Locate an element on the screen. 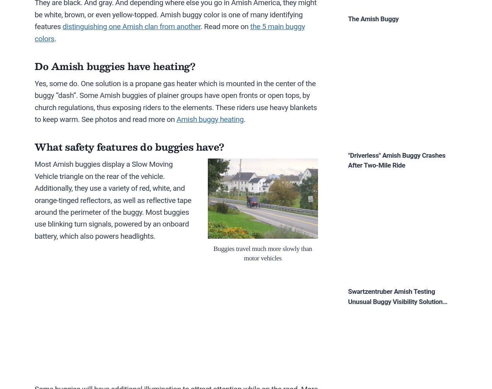 This screenshot has height=389, width=492. 'Yes, some do. One solution is a propane gas heater which is mounted in the center of the buggy “dash”. Some Amish buggies of plainer groups have open fronts or open tops, by church regulations, thus exposing riders to the elements. These riders use heavy blankets to keep warm. See photos and read more on' is located at coordinates (175, 101).